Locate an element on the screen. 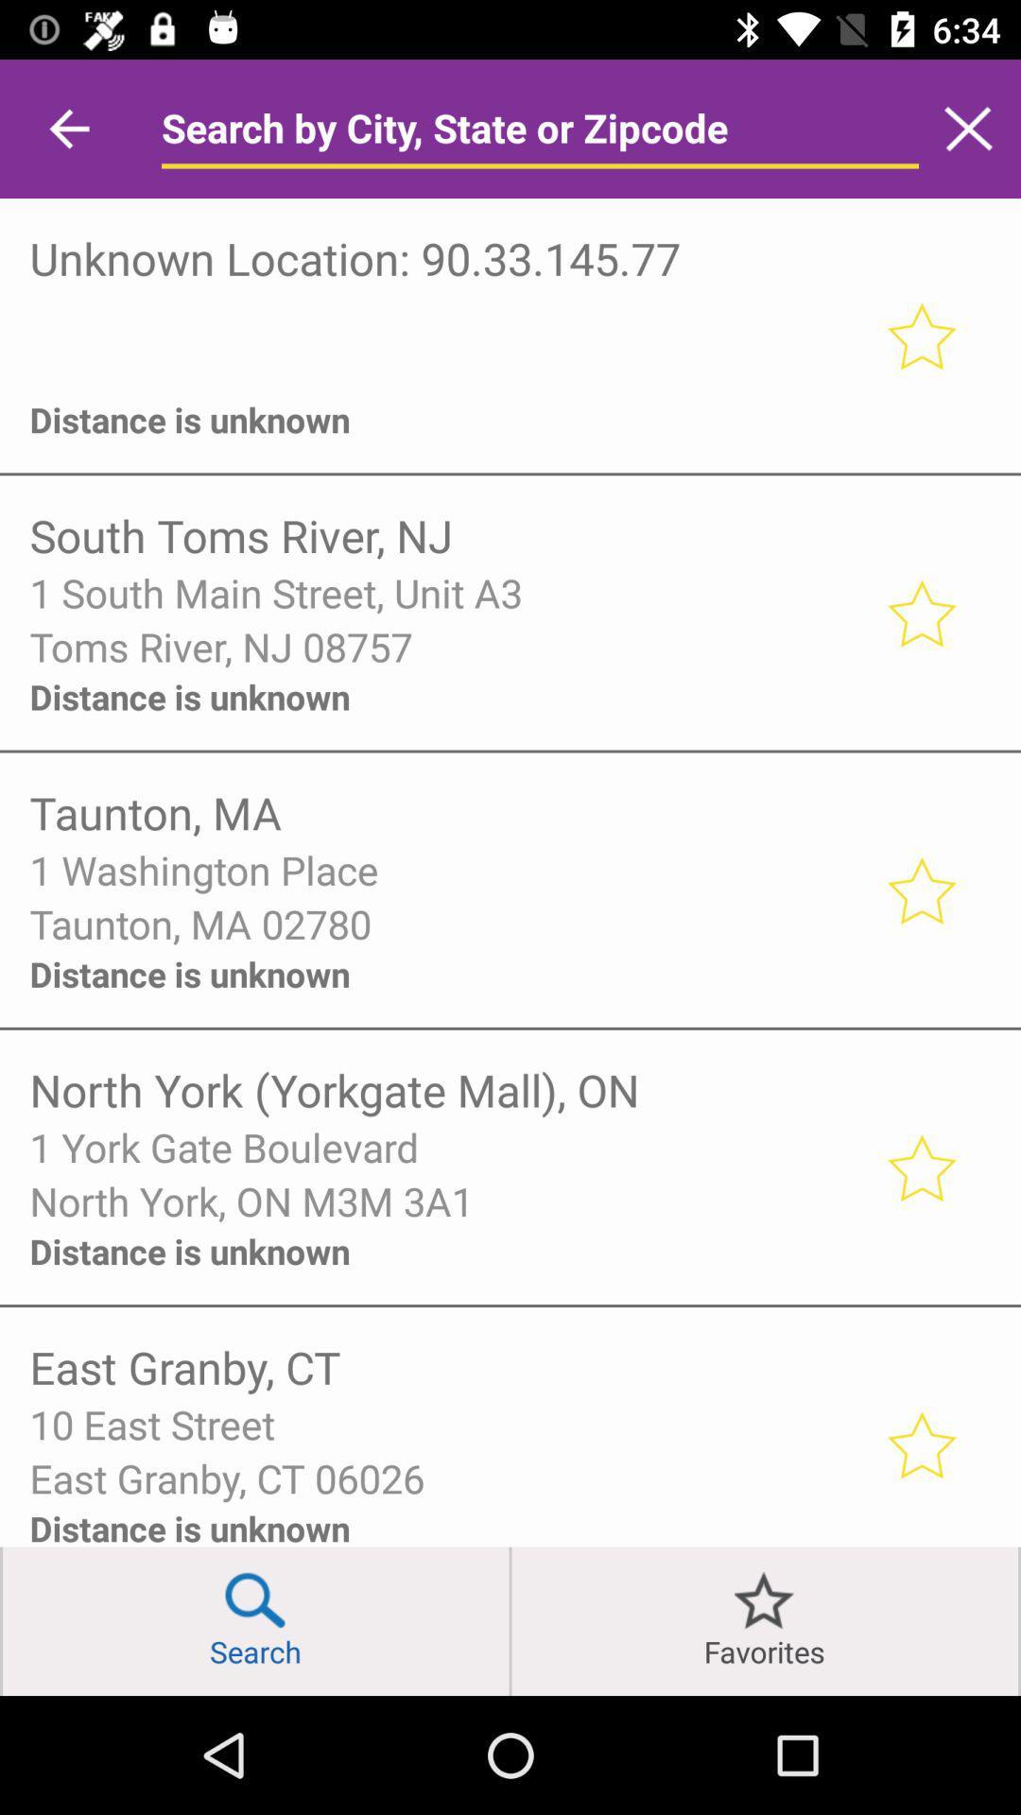 Image resolution: width=1021 pixels, height=1815 pixels. 1 south main item is located at coordinates (444, 592).